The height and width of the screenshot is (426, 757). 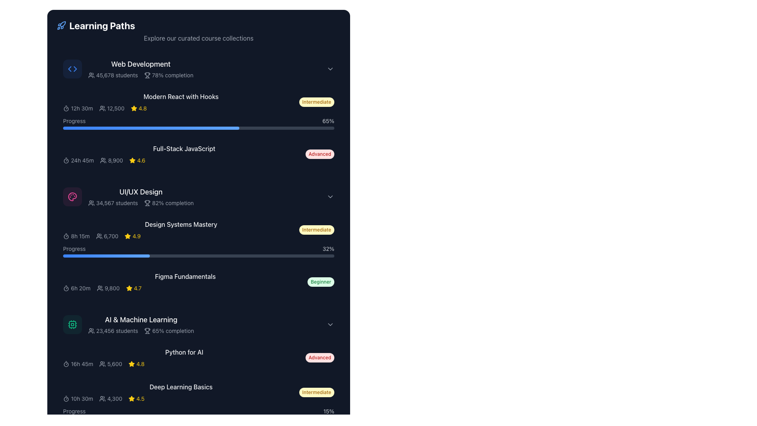 I want to click on the badge indicating the difficulty level associated with the 'Design Systems Mastery' course, located to the right side of the course row, so click(x=317, y=230).